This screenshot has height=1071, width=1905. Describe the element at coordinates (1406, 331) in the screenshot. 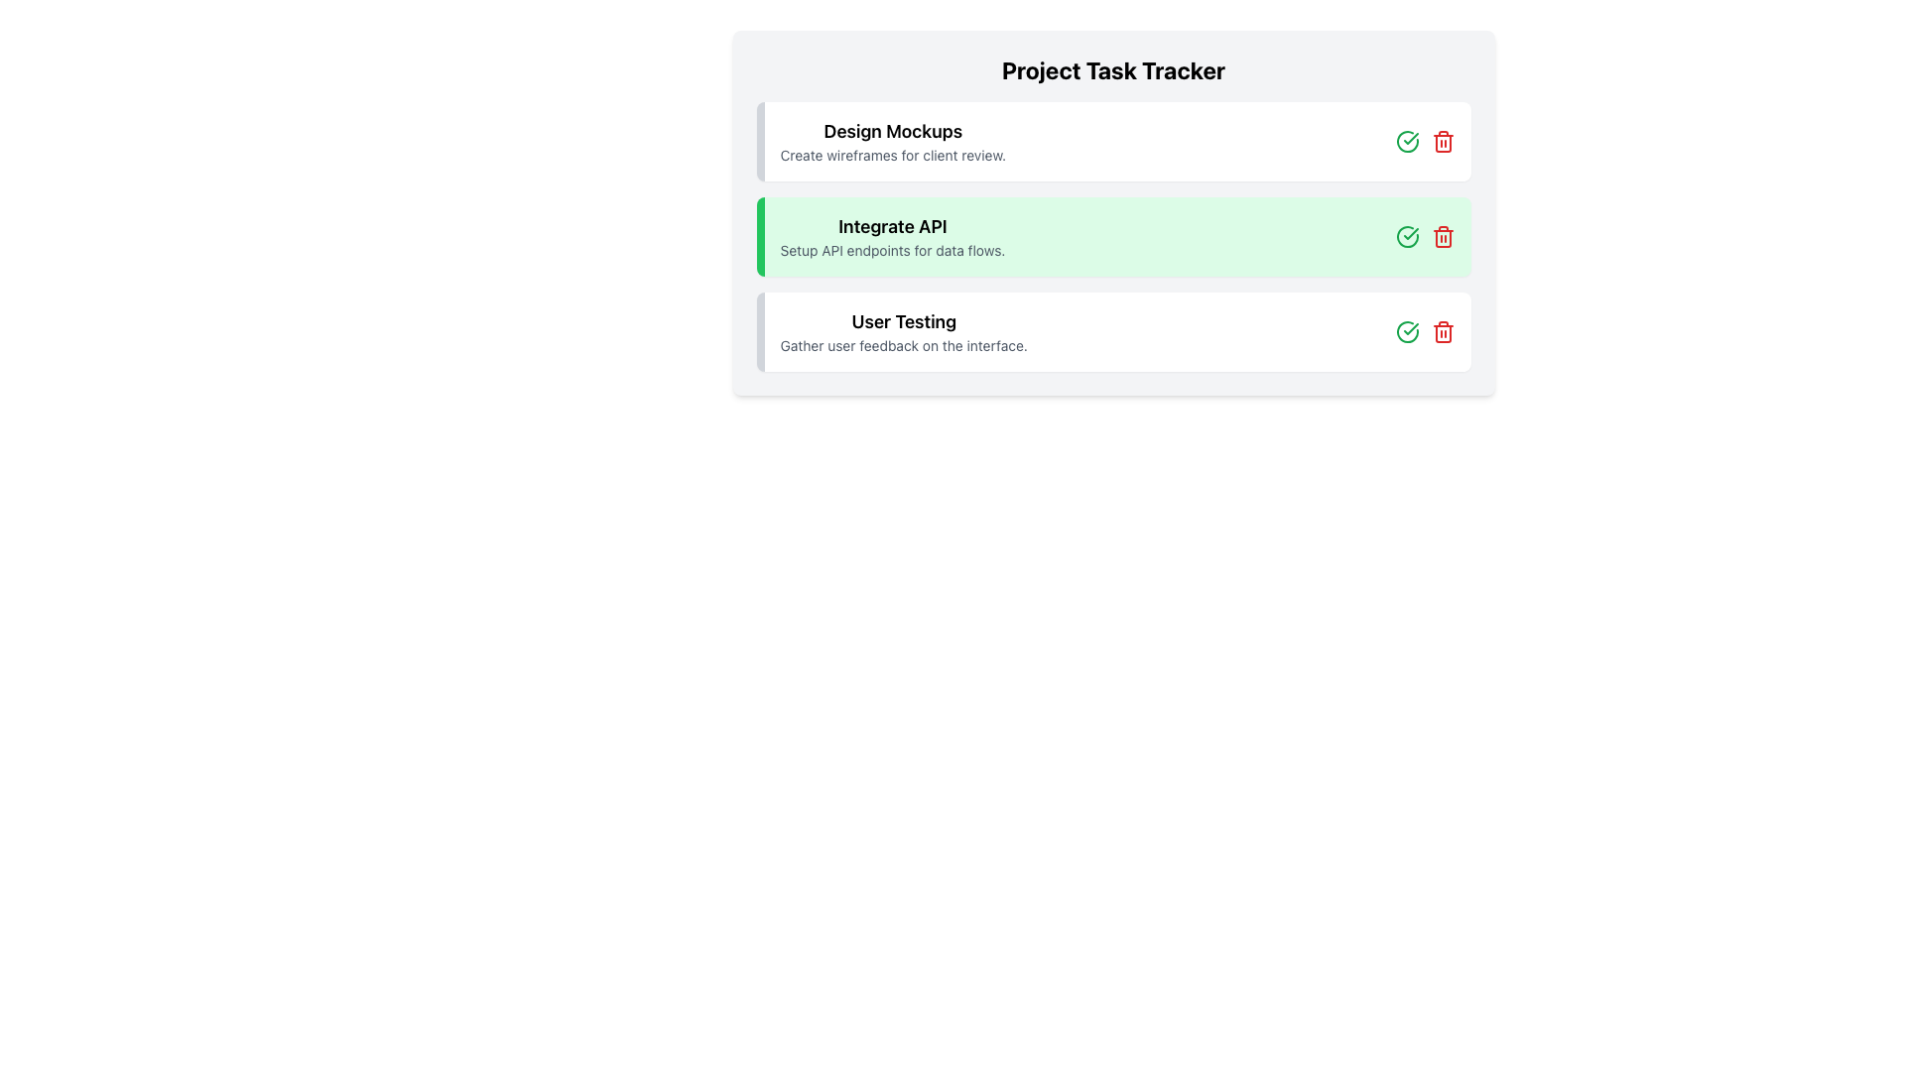

I see `the 'completed' icon located in the 'Integrate API' task within the 'Project Task Tracker' interface` at that location.